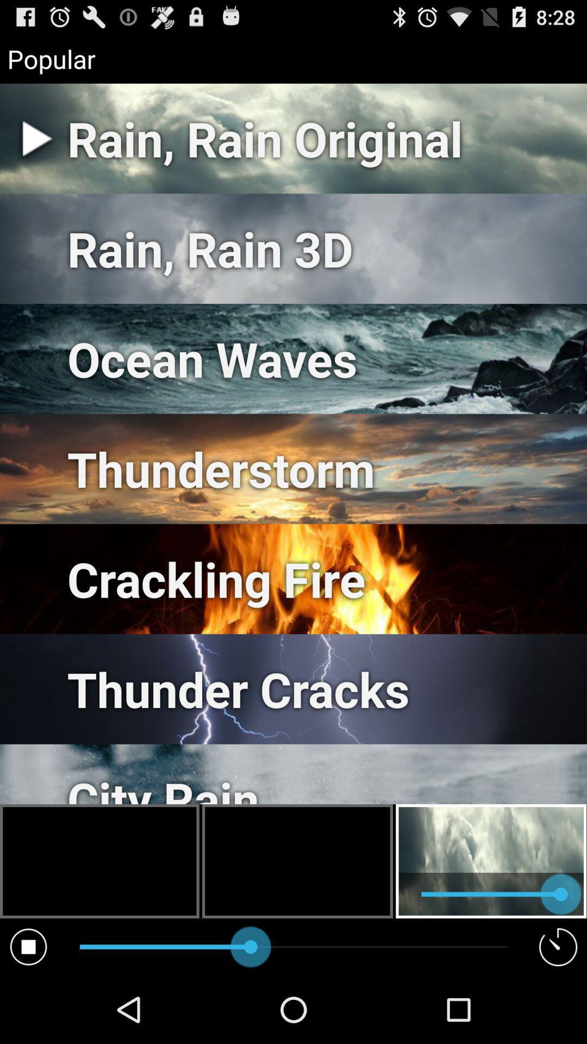 Image resolution: width=587 pixels, height=1044 pixels. I want to click on the symbol which is at the bottom right corner of the page, so click(558, 946).